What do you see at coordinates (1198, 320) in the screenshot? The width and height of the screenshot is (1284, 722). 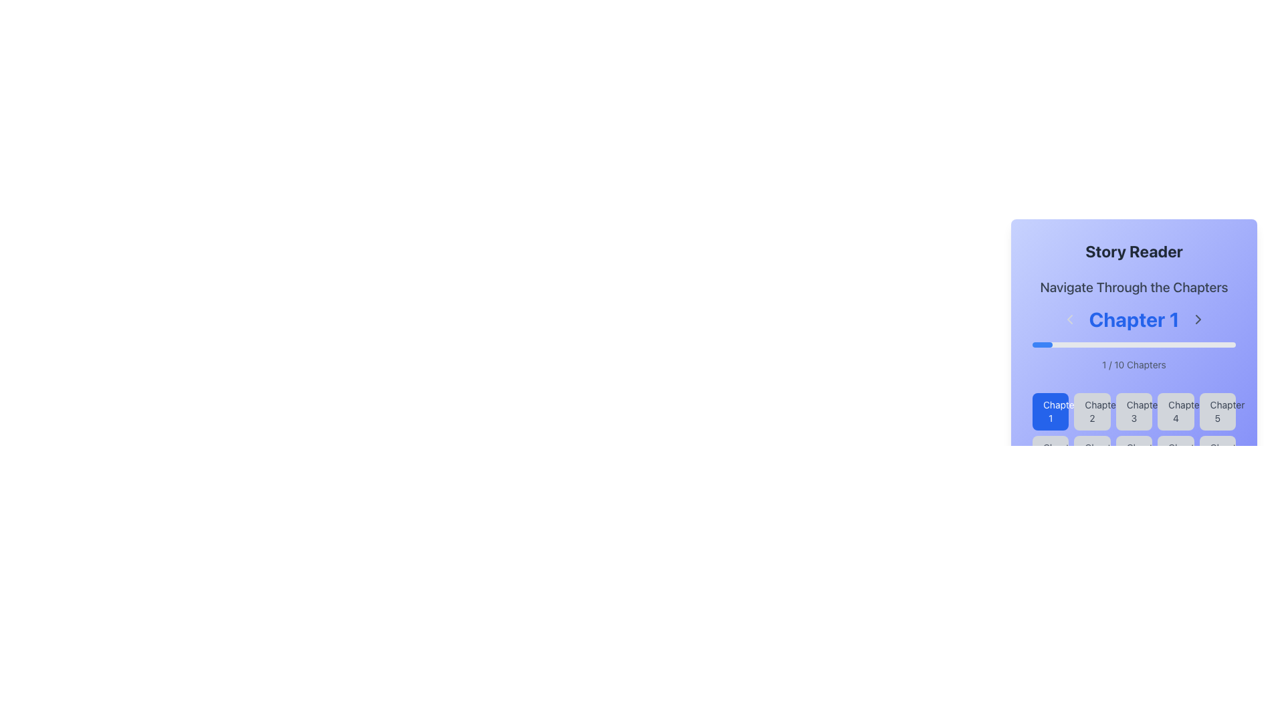 I see `the rightward-pointing chevron icon located to the right of the text 'Chapter 1'` at bounding box center [1198, 320].